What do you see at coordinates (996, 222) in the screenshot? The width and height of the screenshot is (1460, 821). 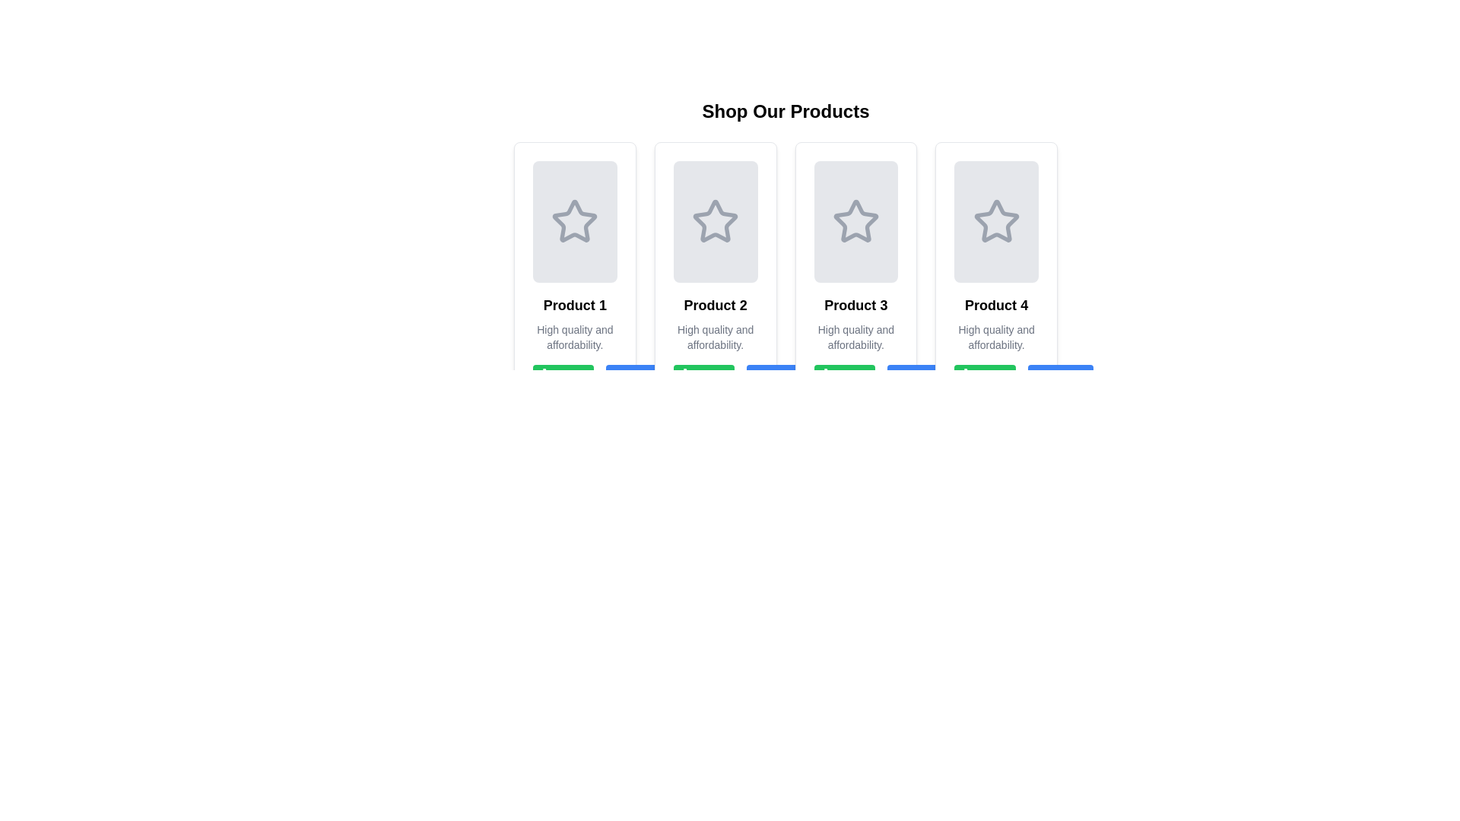 I see `the star icon to rate Product 4, which is centrally positioned within the card among the four product cards displayed horizontally` at bounding box center [996, 222].